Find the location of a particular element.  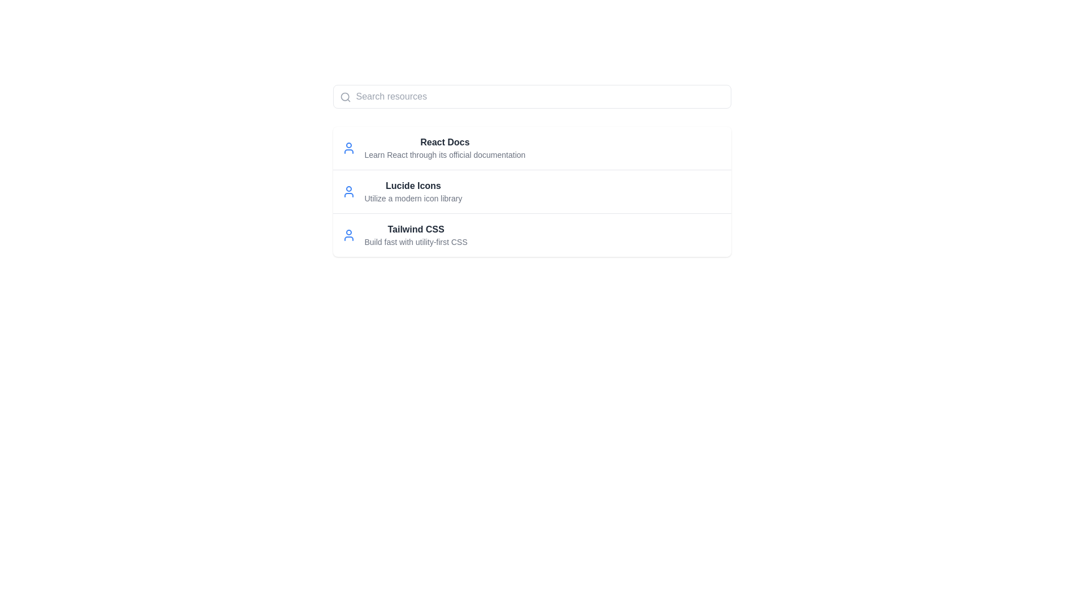

the blue user avatar icon located to the left of the text 'React Docs' is located at coordinates (348, 148).